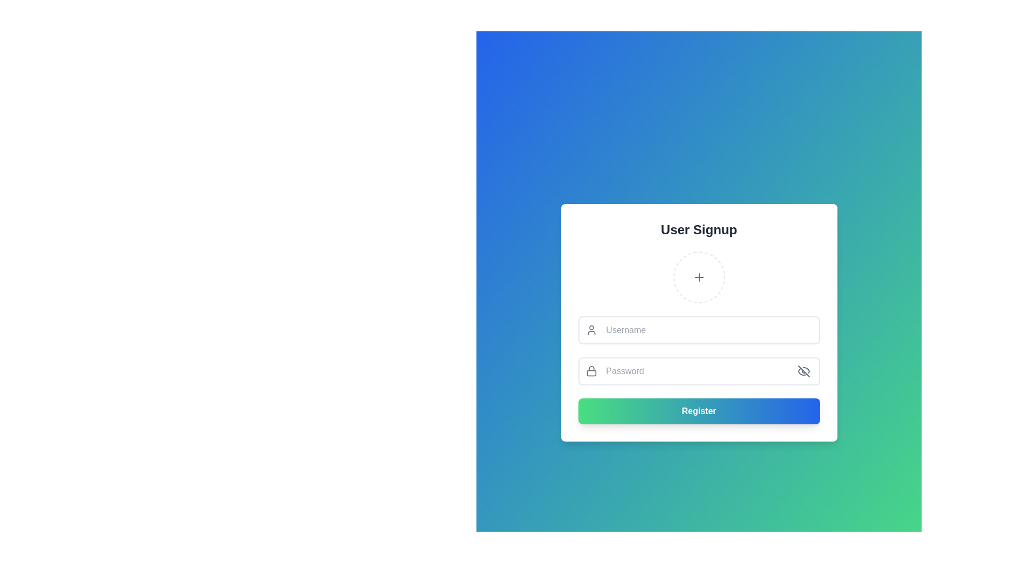 Image resolution: width=1036 pixels, height=583 pixels. I want to click on bottom rectangular portion of the padlock icon, which indicates the security of user credentials in the password input field, so click(591, 373).